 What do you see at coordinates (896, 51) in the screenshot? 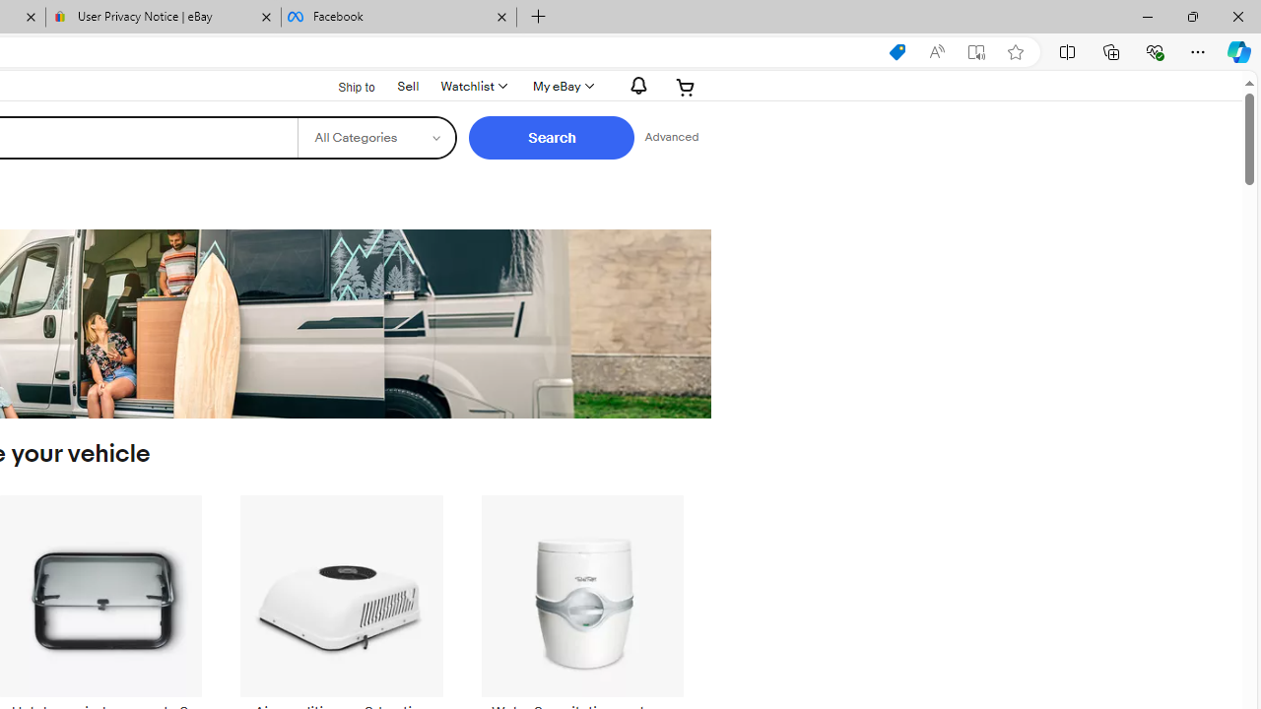
I see `'This site has coupons! Shopping in Microsoft Edge'` at bounding box center [896, 51].